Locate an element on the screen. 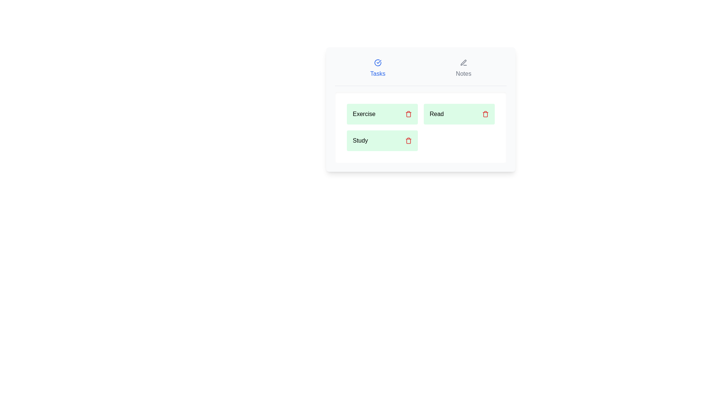 The height and width of the screenshot is (399, 710). the tab icon of Tasks to inspect its visual details is located at coordinates (378, 62).